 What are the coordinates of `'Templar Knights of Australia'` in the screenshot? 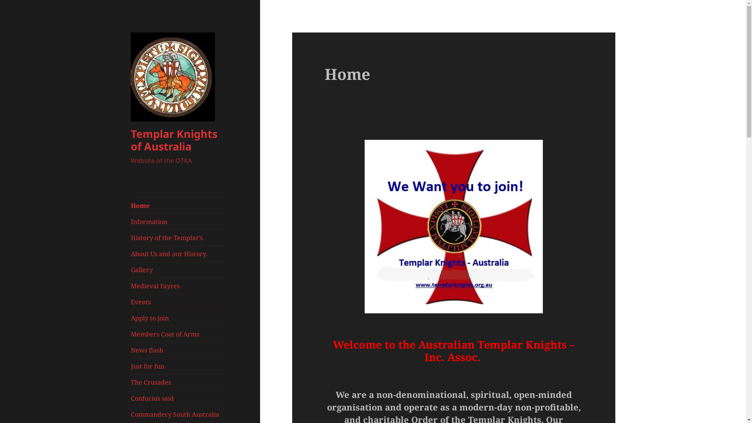 It's located at (174, 139).